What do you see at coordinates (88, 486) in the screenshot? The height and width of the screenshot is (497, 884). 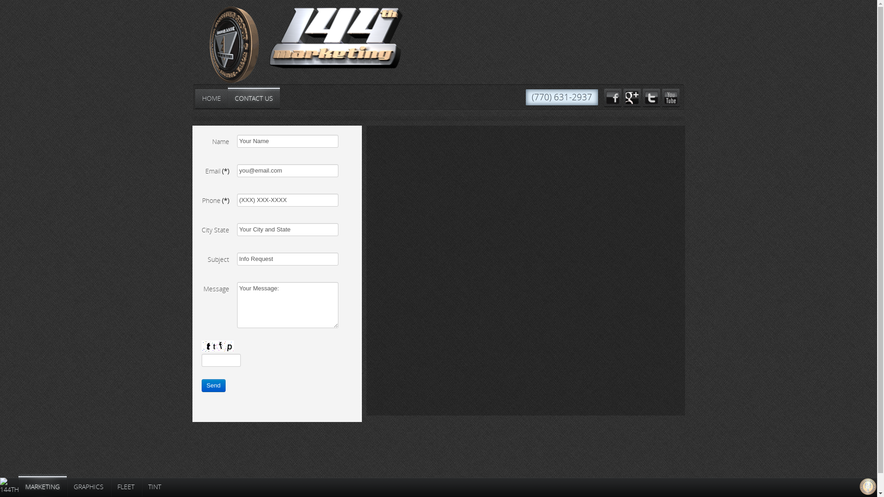 I see `'GRAPHICS'` at bounding box center [88, 486].